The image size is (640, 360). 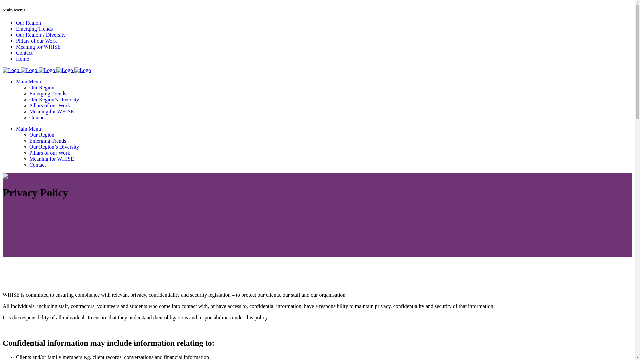 What do you see at coordinates (29, 105) in the screenshot?
I see `'Pillars of our Work'` at bounding box center [29, 105].